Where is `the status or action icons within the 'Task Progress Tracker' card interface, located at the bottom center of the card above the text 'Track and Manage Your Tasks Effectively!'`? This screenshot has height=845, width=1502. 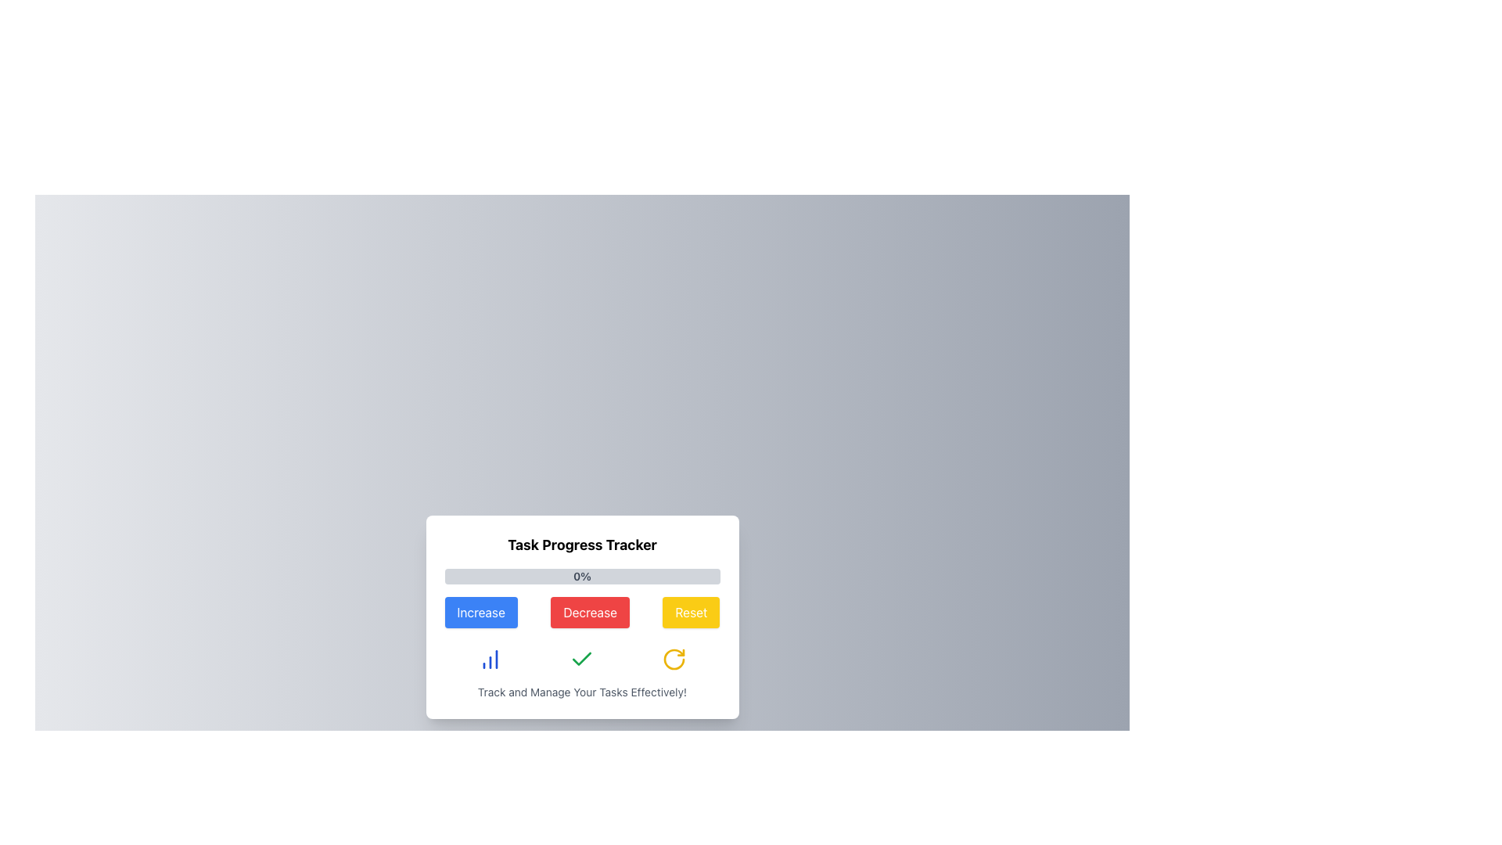
the status or action icons within the 'Task Progress Tracker' card interface, located at the bottom center of the card above the text 'Track and Manage Your Tasks Effectively!' is located at coordinates (581, 660).